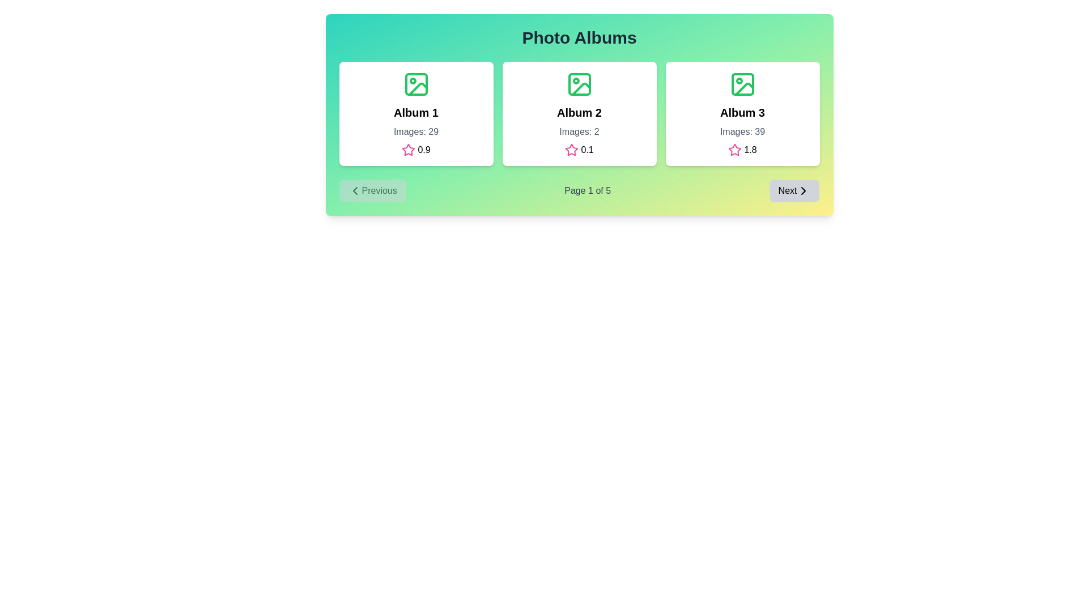 The height and width of the screenshot is (612, 1088). What do you see at coordinates (417, 88) in the screenshot?
I see `the green line drawing element forming a segment of the picture icon located in the bottom right portion of the first album card's SVG drawing` at bounding box center [417, 88].